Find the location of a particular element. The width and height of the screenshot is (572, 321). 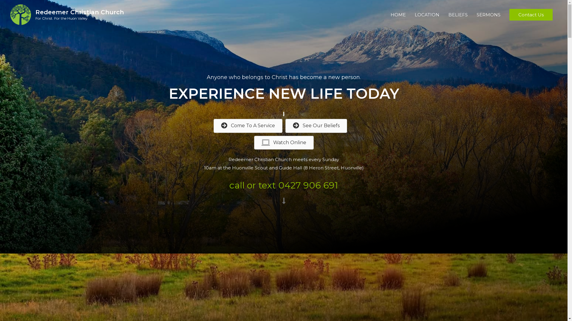

'LOCATION' is located at coordinates (427, 15).